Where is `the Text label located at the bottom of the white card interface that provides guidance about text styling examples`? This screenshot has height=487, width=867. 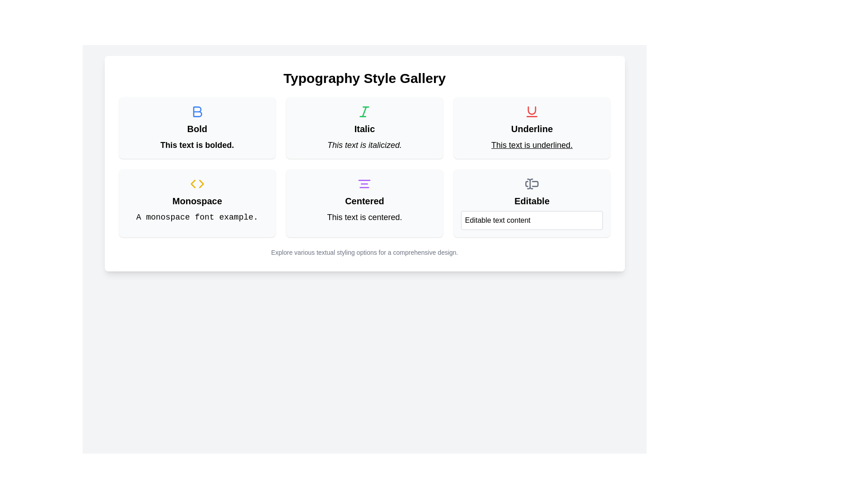 the Text label located at the bottom of the white card interface that provides guidance about text styling examples is located at coordinates (364, 252).